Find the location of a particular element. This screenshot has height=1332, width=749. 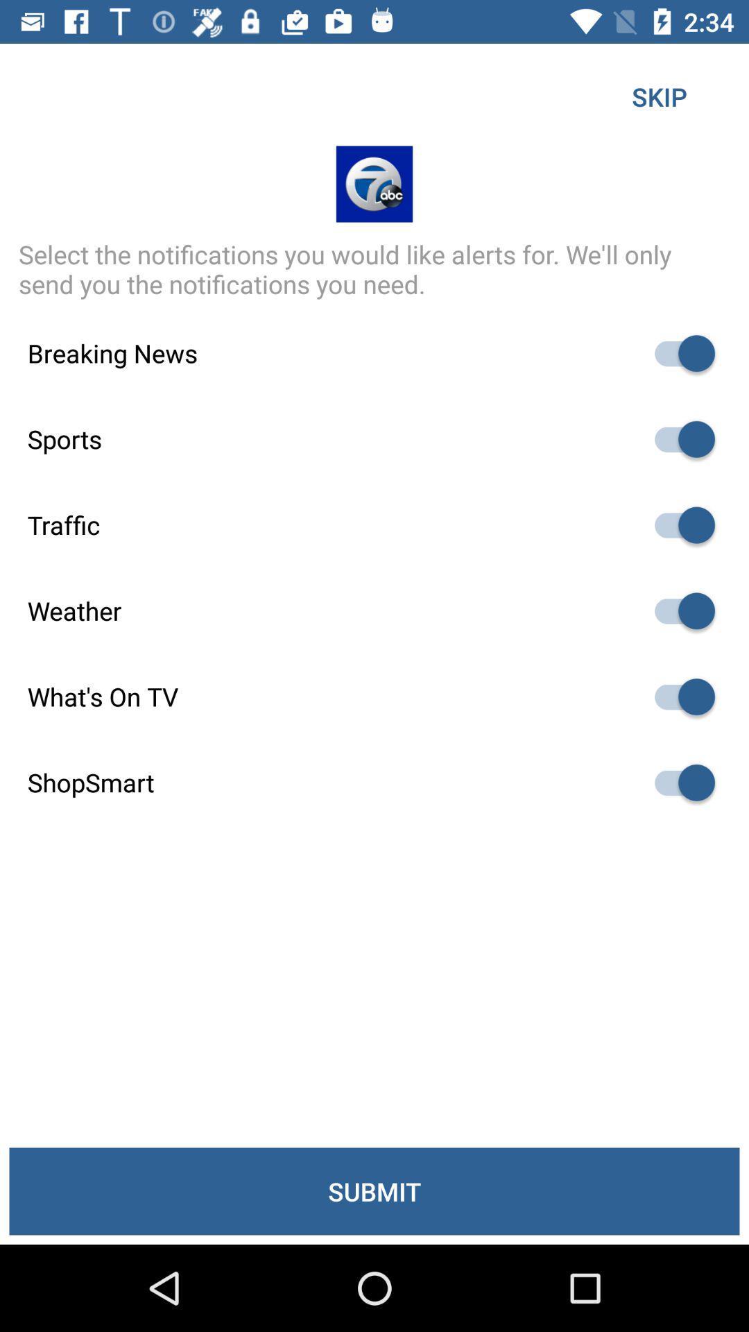

sports is located at coordinates (678, 438).